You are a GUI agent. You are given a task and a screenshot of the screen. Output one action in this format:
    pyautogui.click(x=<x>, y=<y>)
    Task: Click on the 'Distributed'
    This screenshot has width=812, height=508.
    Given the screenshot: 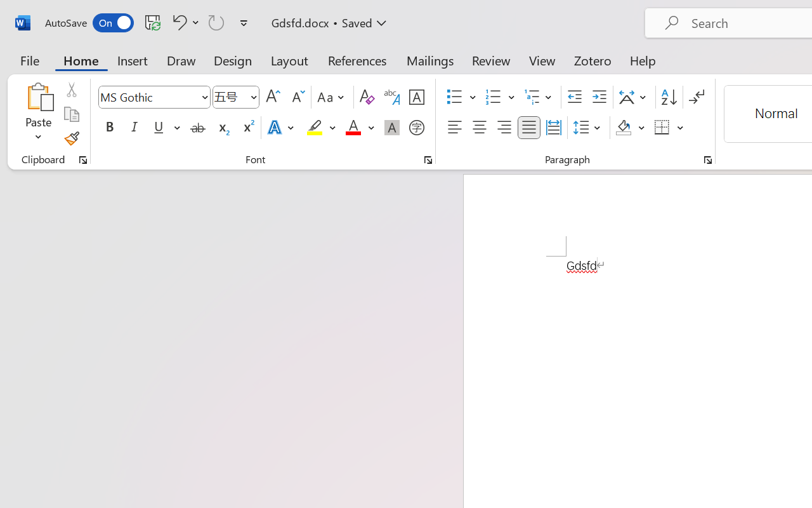 What is the action you would take?
    pyautogui.click(x=553, y=128)
    